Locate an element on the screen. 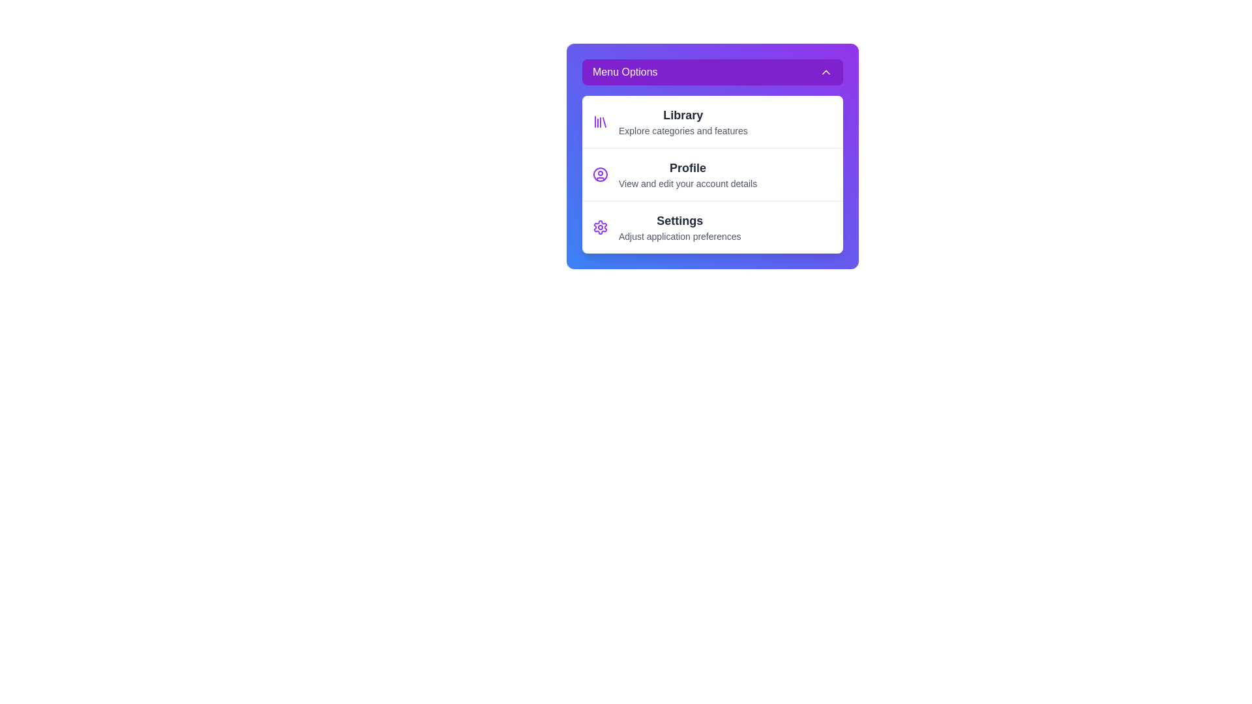 The image size is (1252, 704). the secondary descriptive text element under the 'Profile' section that provides additional context or instructions related to the 'Profile' section is located at coordinates (687, 183).